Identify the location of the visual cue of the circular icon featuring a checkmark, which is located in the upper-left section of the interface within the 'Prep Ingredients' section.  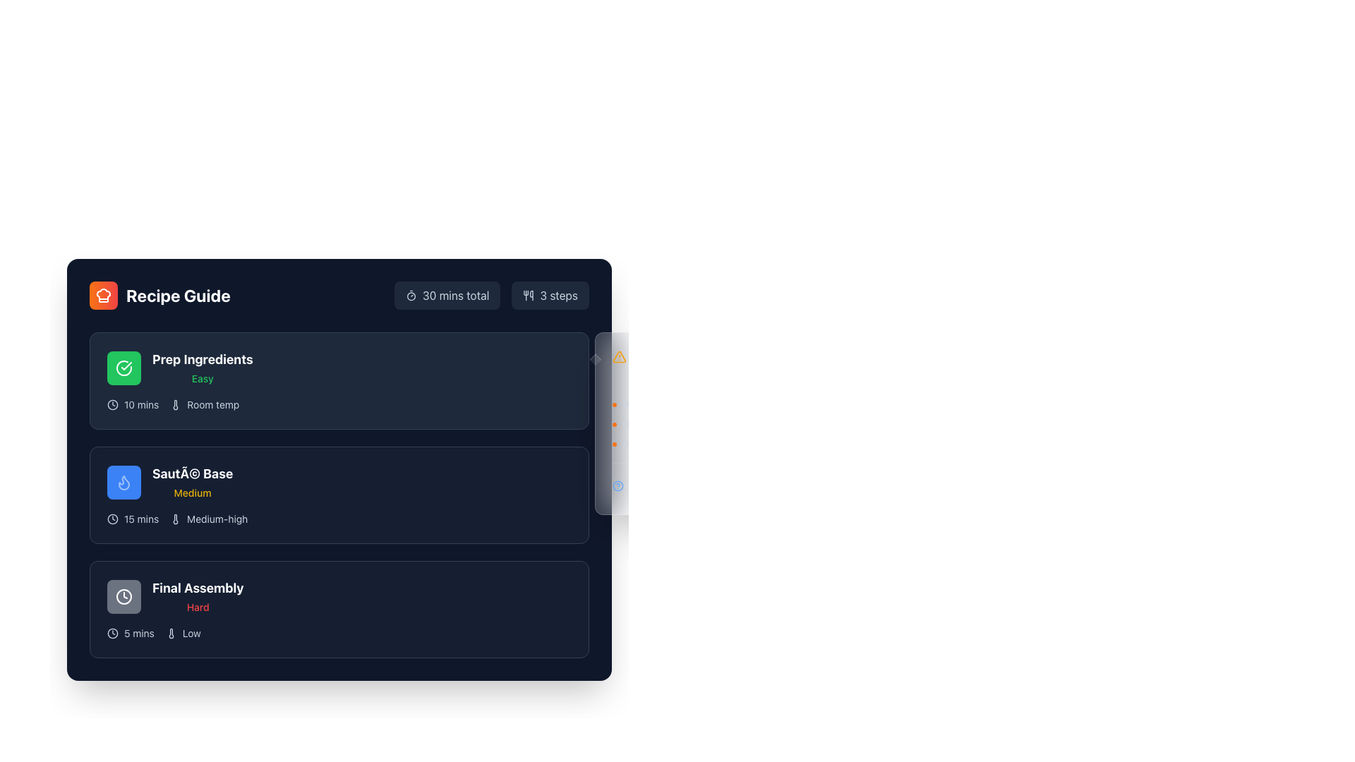
(126, 365).